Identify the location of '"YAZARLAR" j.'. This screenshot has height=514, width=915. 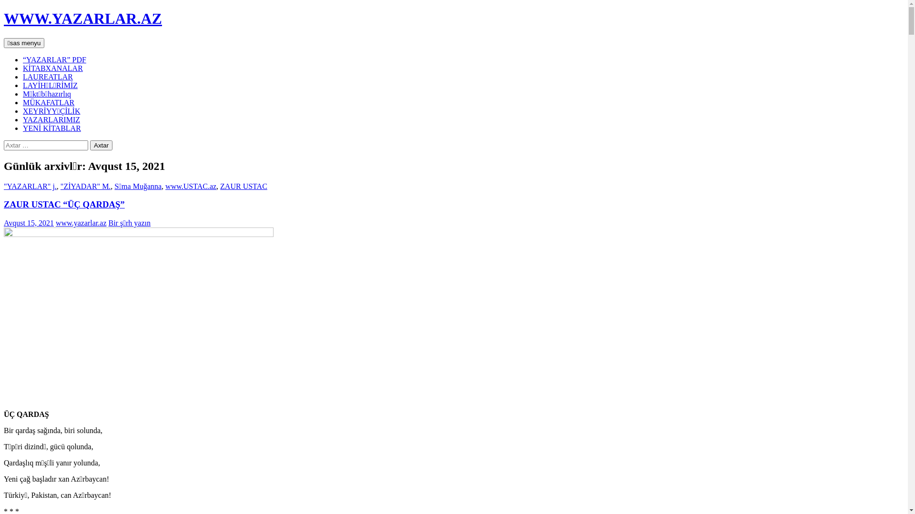
(30, 186).